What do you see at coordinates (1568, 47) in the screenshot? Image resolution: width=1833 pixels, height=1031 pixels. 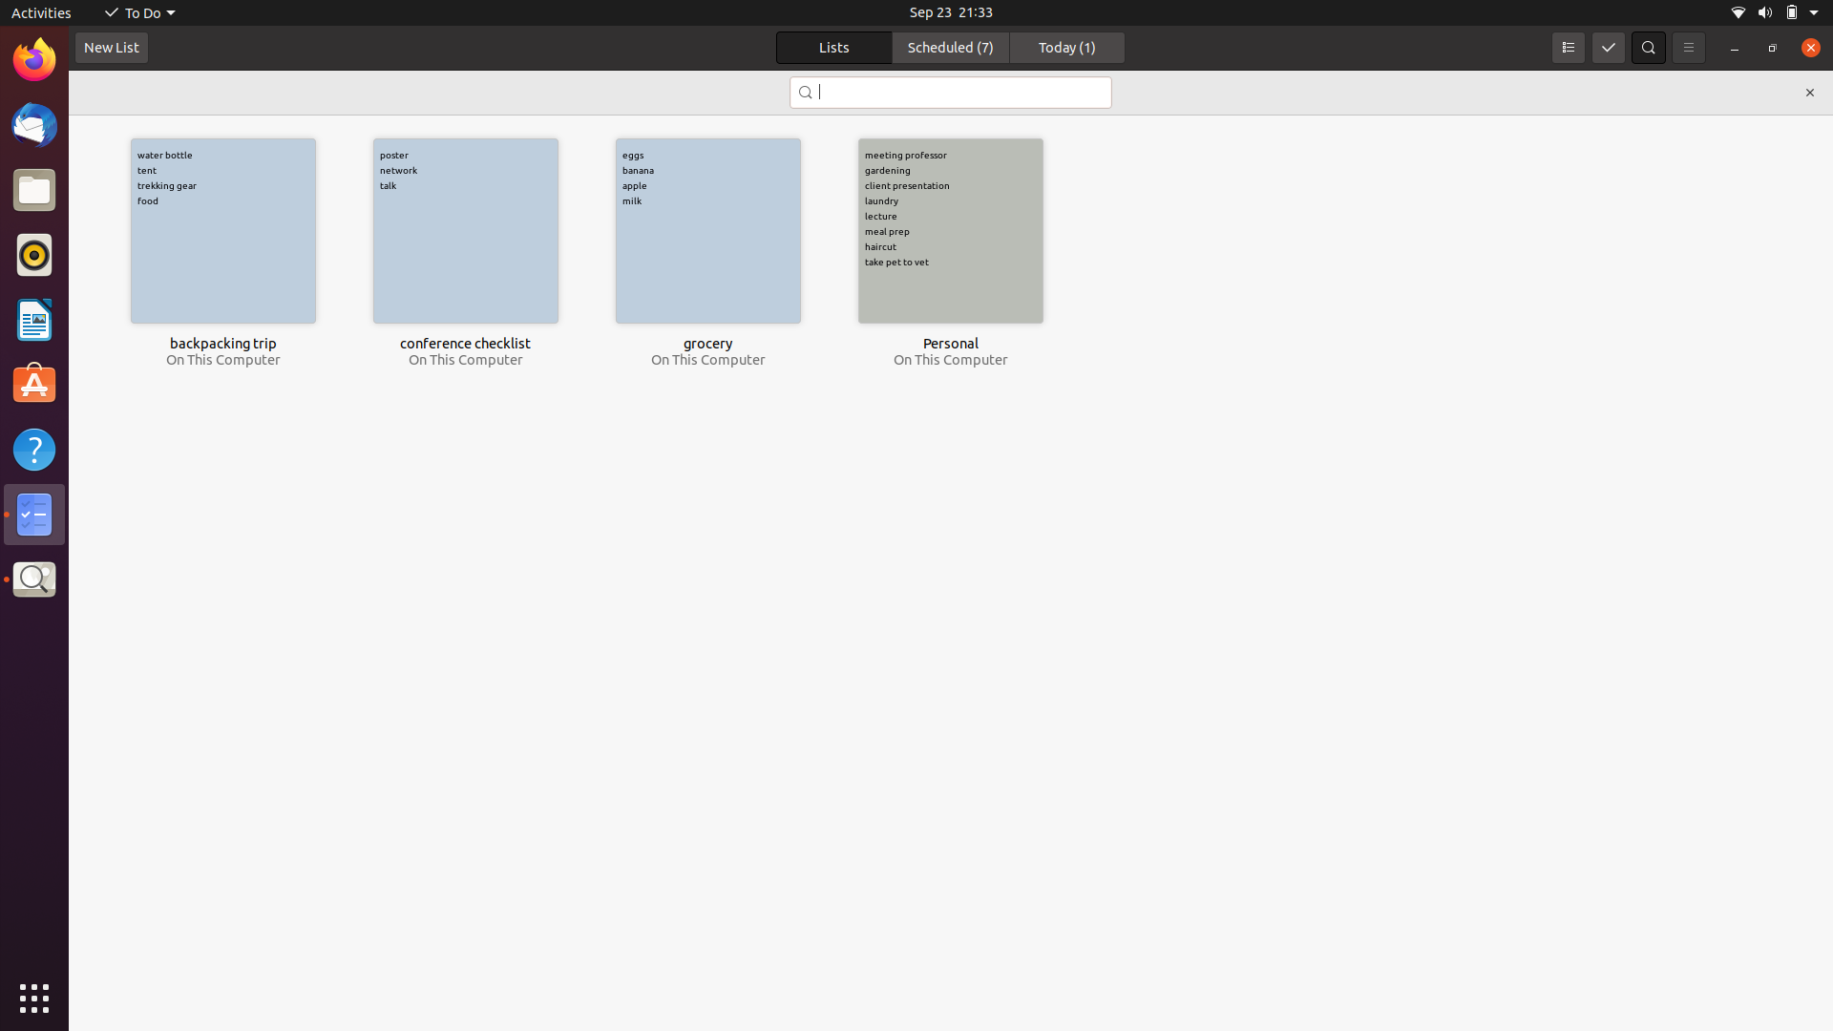 I see `Alter display to list setup` at bounding box center [1568, 47].